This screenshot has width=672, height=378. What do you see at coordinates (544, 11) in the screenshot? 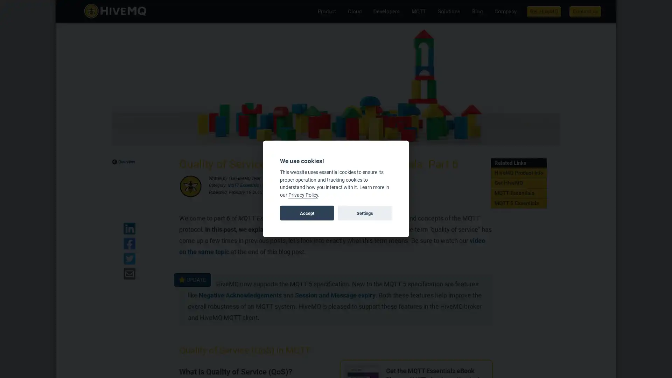
I see `Get HiveMQ` at bounding box center [544, 11].